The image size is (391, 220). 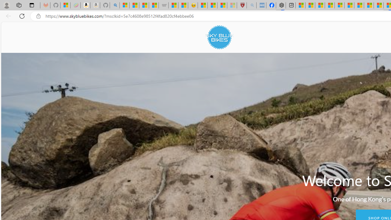 What do you see at coordinates (154, 5) in the screenshot?
I see `'Stocks - MSN'` at bounding box center [154, 5].